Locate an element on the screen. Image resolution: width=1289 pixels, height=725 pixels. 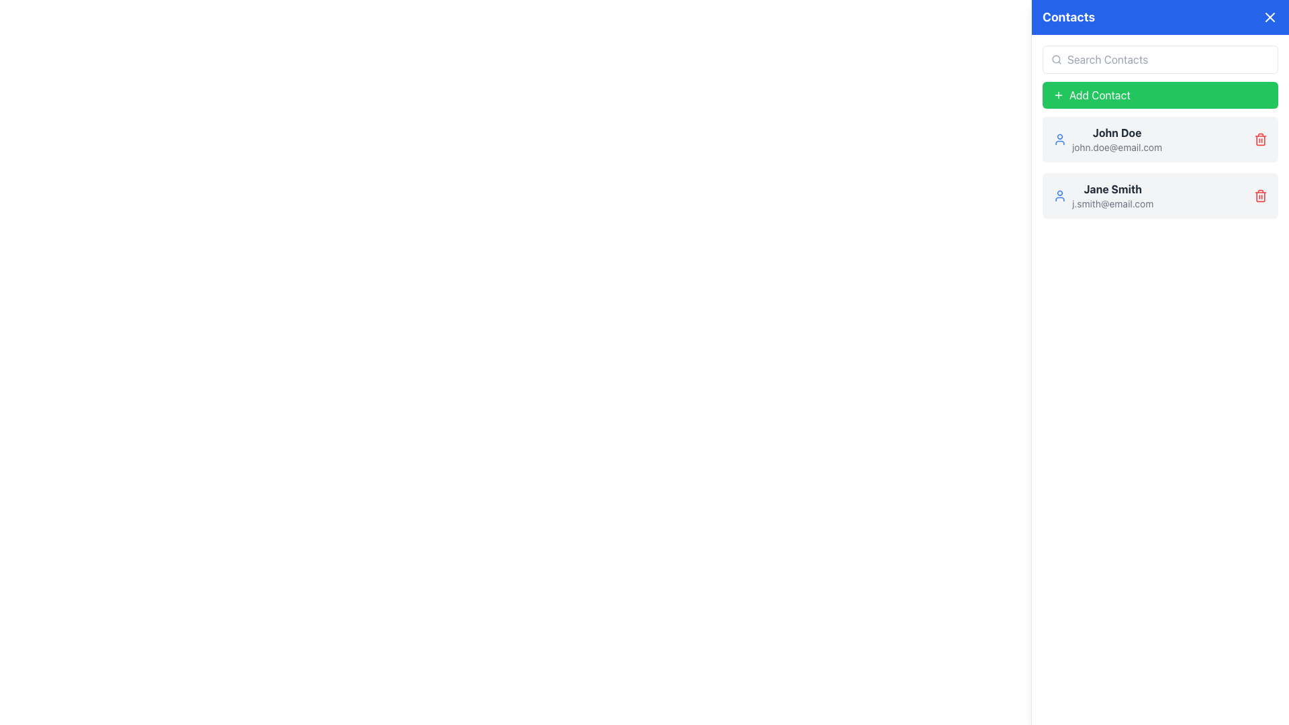
the user profile icon next to the entry for 'Jane Smith', which is located in the user profile list is located at coordinates (1059, 196).